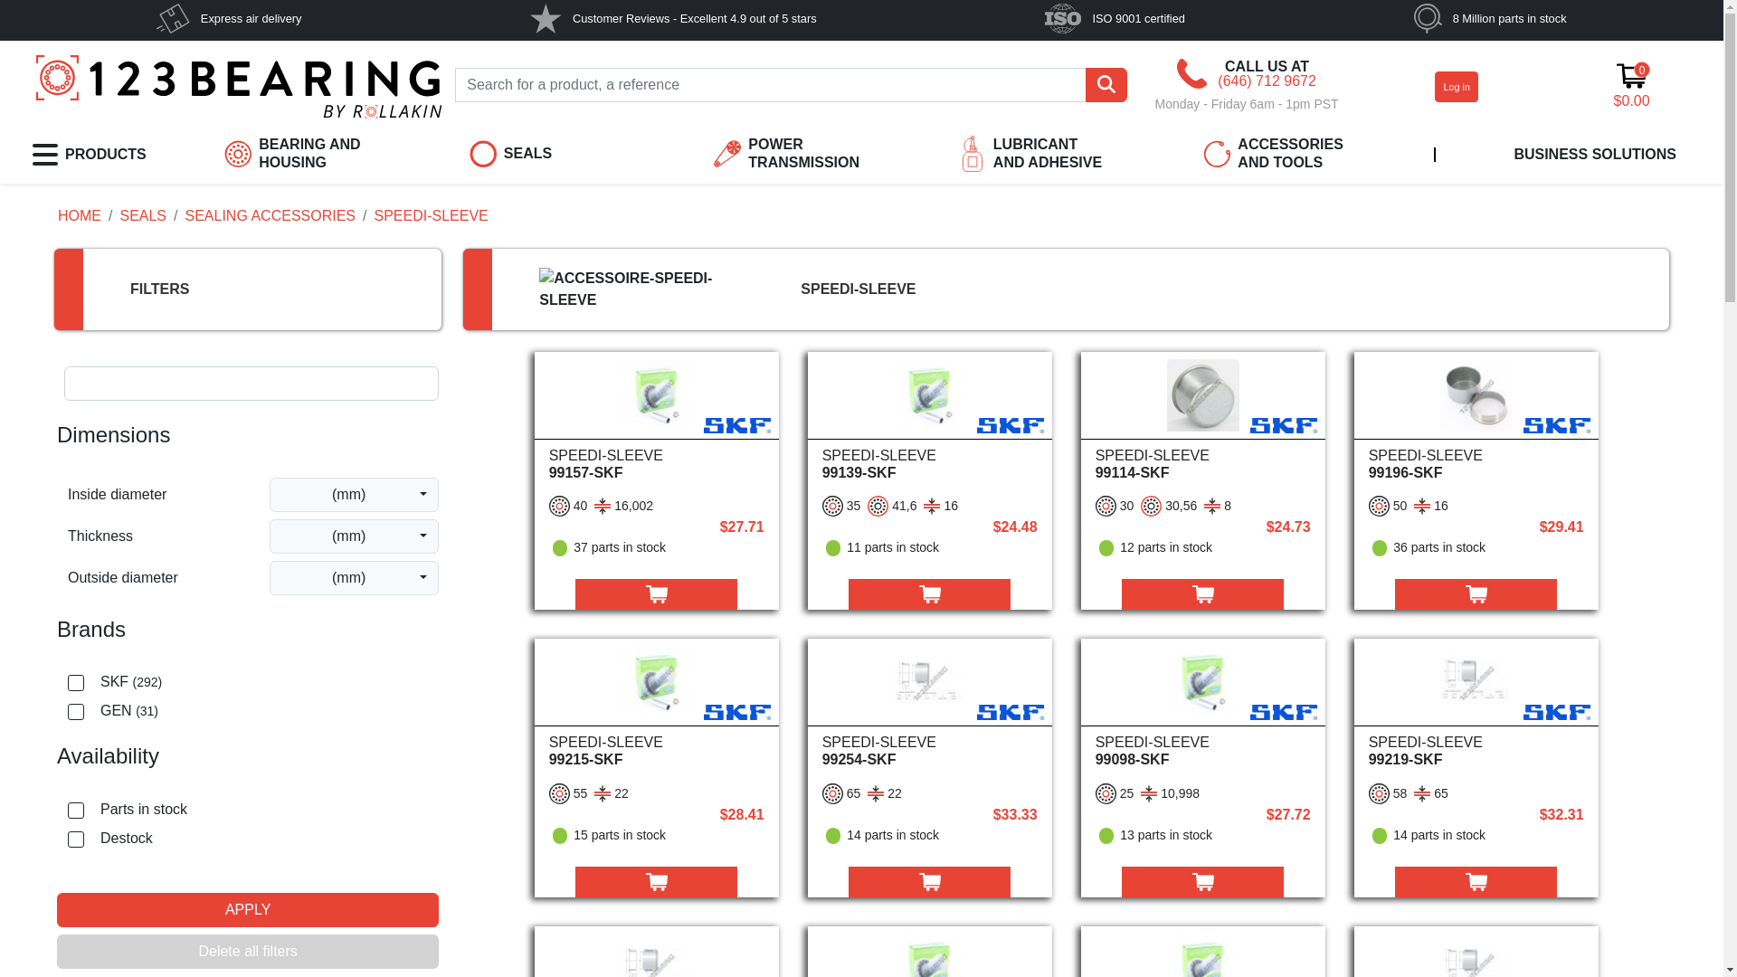 The image size is (1737, 977). Describe the element at coordinates (269, 214) in the screenshot. I see `'SEALING ACCESSORIES'` at that location.